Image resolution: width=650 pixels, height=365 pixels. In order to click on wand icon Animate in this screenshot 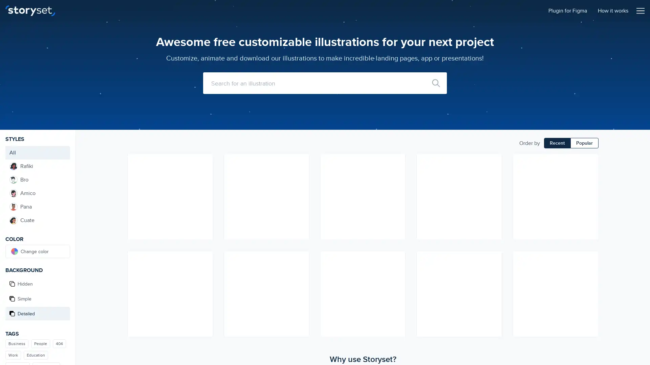, I will do `click(494, 162)`.